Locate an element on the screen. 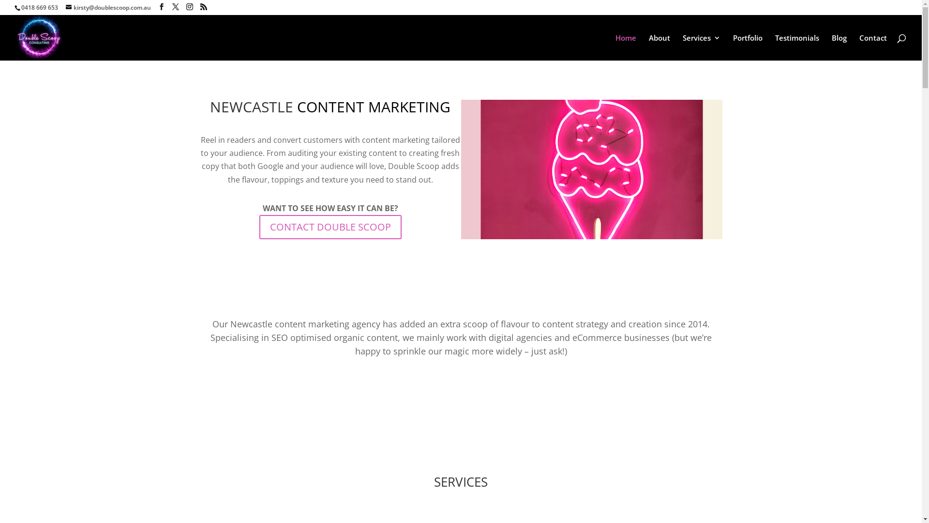 Image resolution: width=929 pixels, height=523 pixels. 'Services' is located at coordinates (701, 47).